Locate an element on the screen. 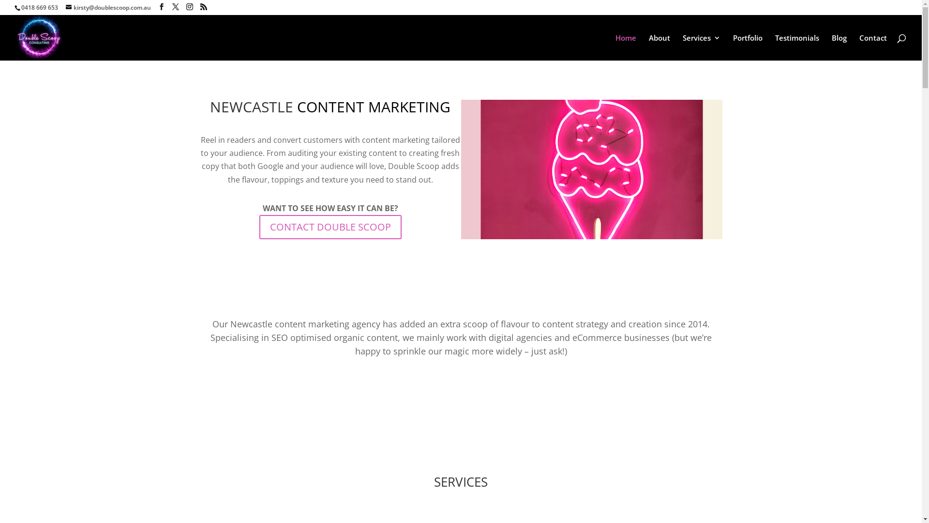 Image resolution: width=929 pixels, height=523 pixels. 'Services' is located at coordinates (701, 47).